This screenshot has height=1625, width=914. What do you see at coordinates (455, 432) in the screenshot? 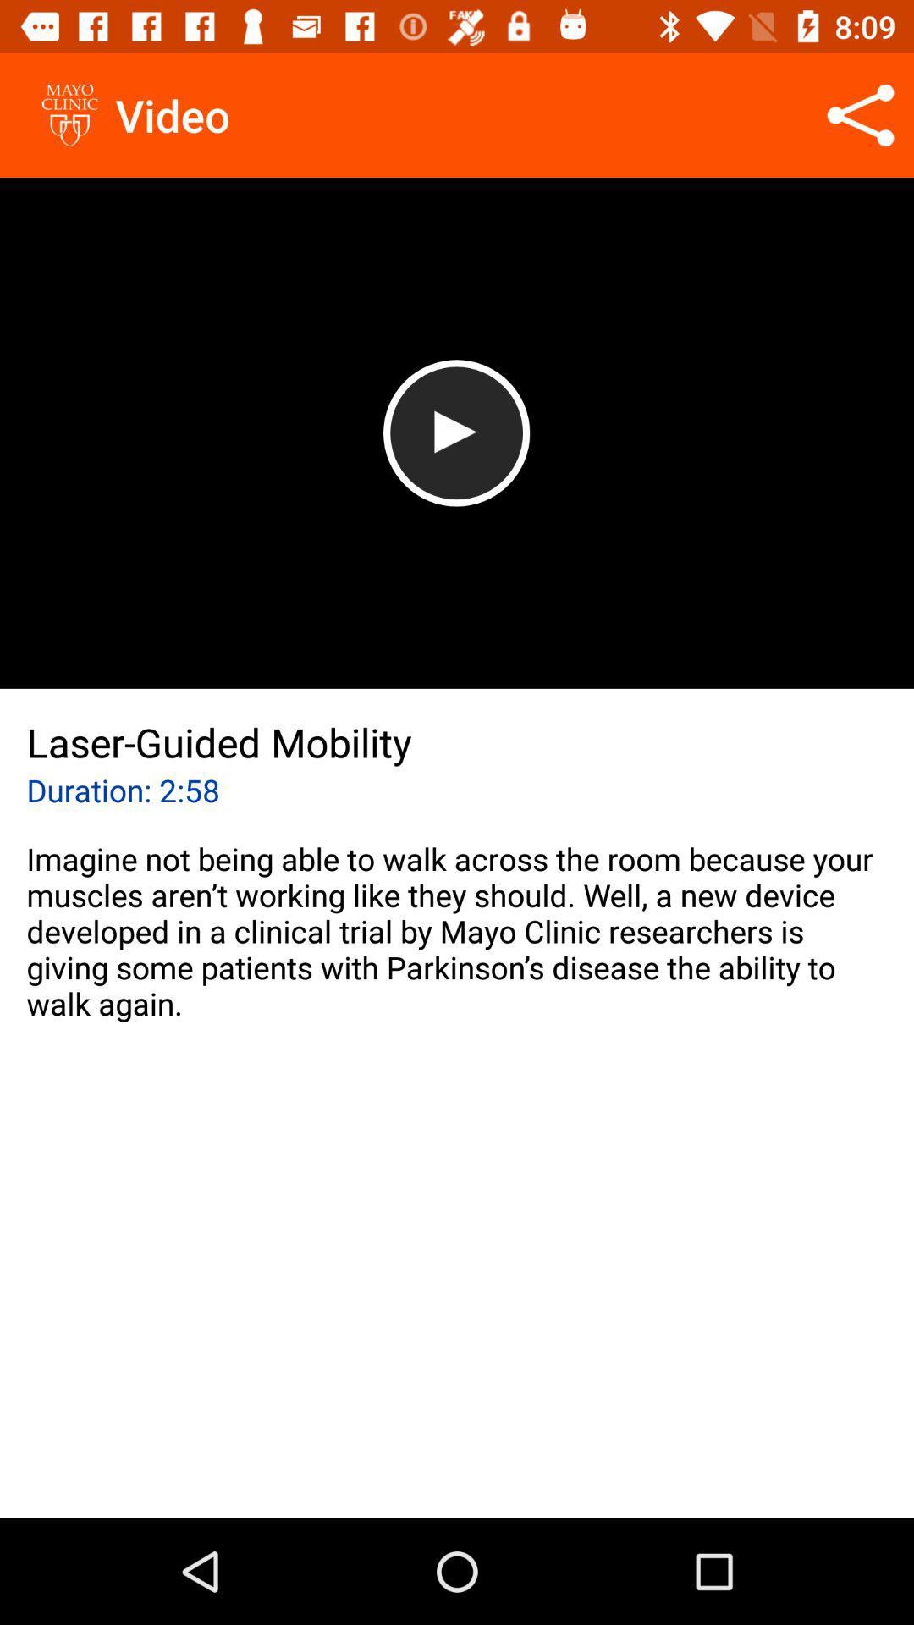
I see `the play icon` at bounding box center [455, 432].